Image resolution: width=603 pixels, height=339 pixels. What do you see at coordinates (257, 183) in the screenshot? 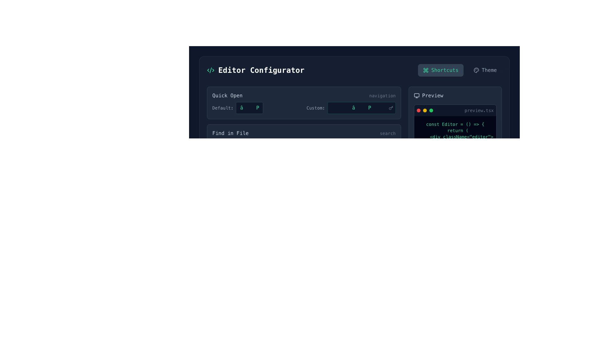
I see `the text label segment displaying 'Default:' followed by the styled value '⌘ S' to understand the configuration setting` at bounding box center [257, 183].